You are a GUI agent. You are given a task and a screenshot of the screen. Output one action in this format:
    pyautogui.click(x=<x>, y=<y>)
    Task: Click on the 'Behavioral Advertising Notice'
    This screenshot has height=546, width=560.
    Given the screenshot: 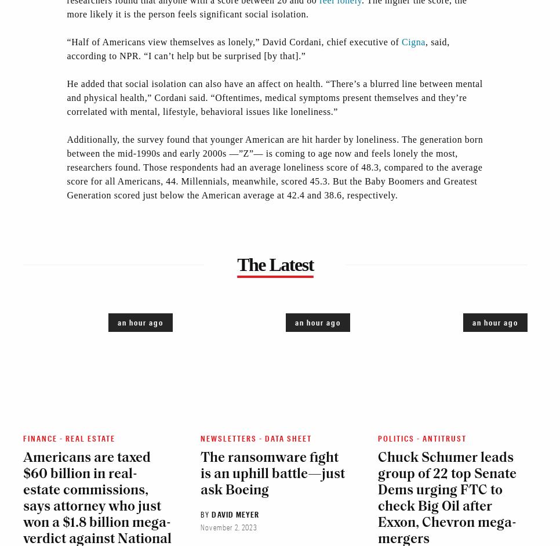 What is the action you would take?
    pyautogui.click(x=275, y=323)
    